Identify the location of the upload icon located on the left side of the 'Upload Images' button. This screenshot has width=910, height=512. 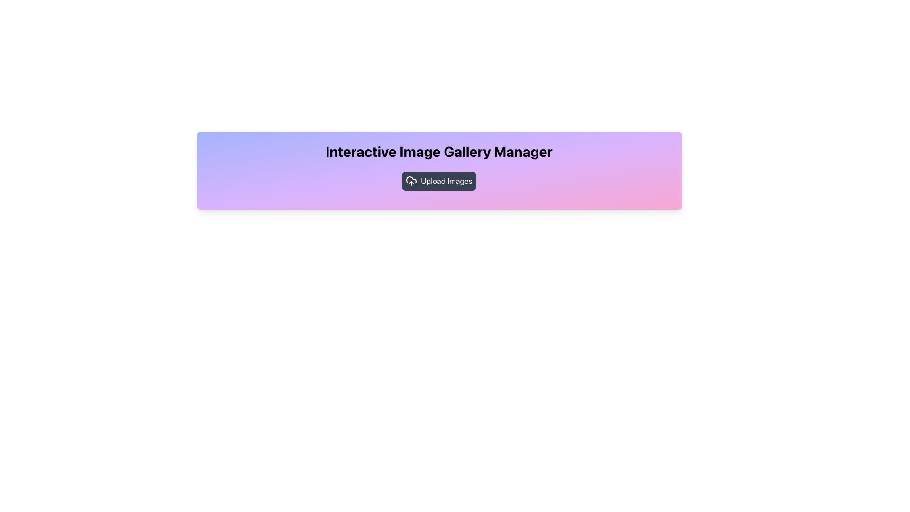
(411, 181).